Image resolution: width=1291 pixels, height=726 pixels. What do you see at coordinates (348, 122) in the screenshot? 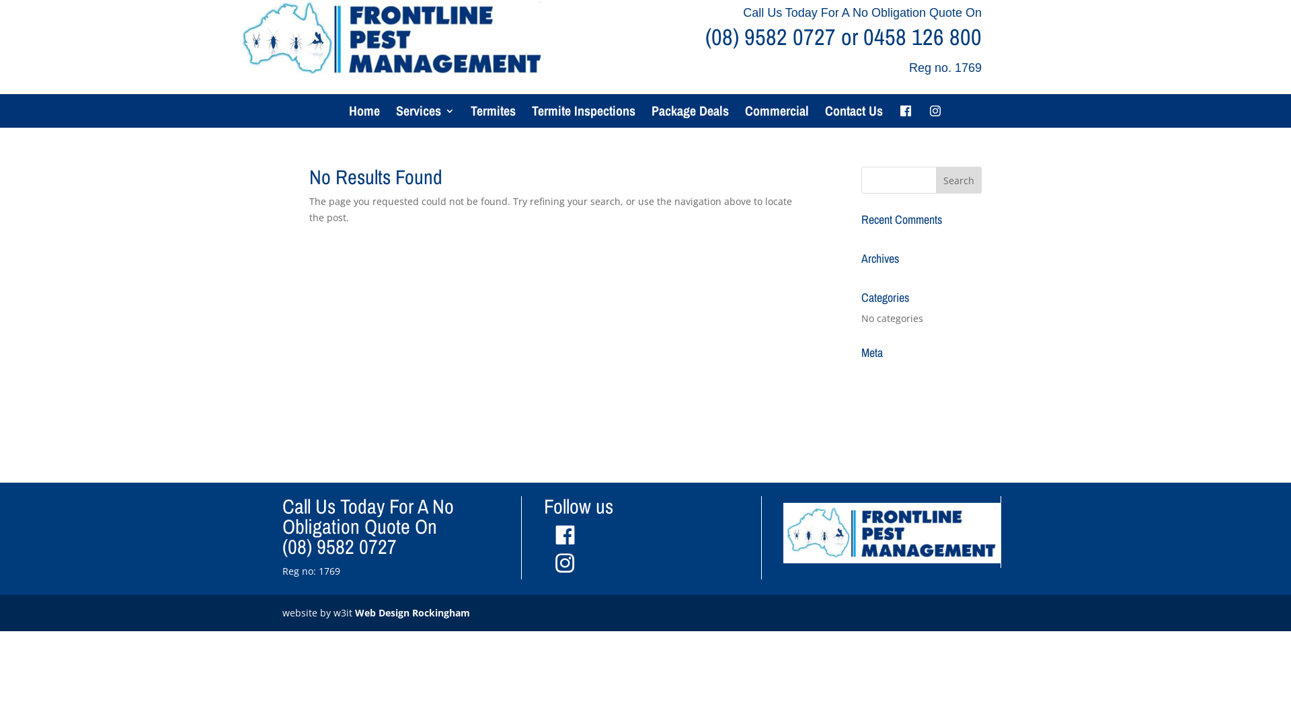
I see `'Home'` at bounding box center [348, 122].